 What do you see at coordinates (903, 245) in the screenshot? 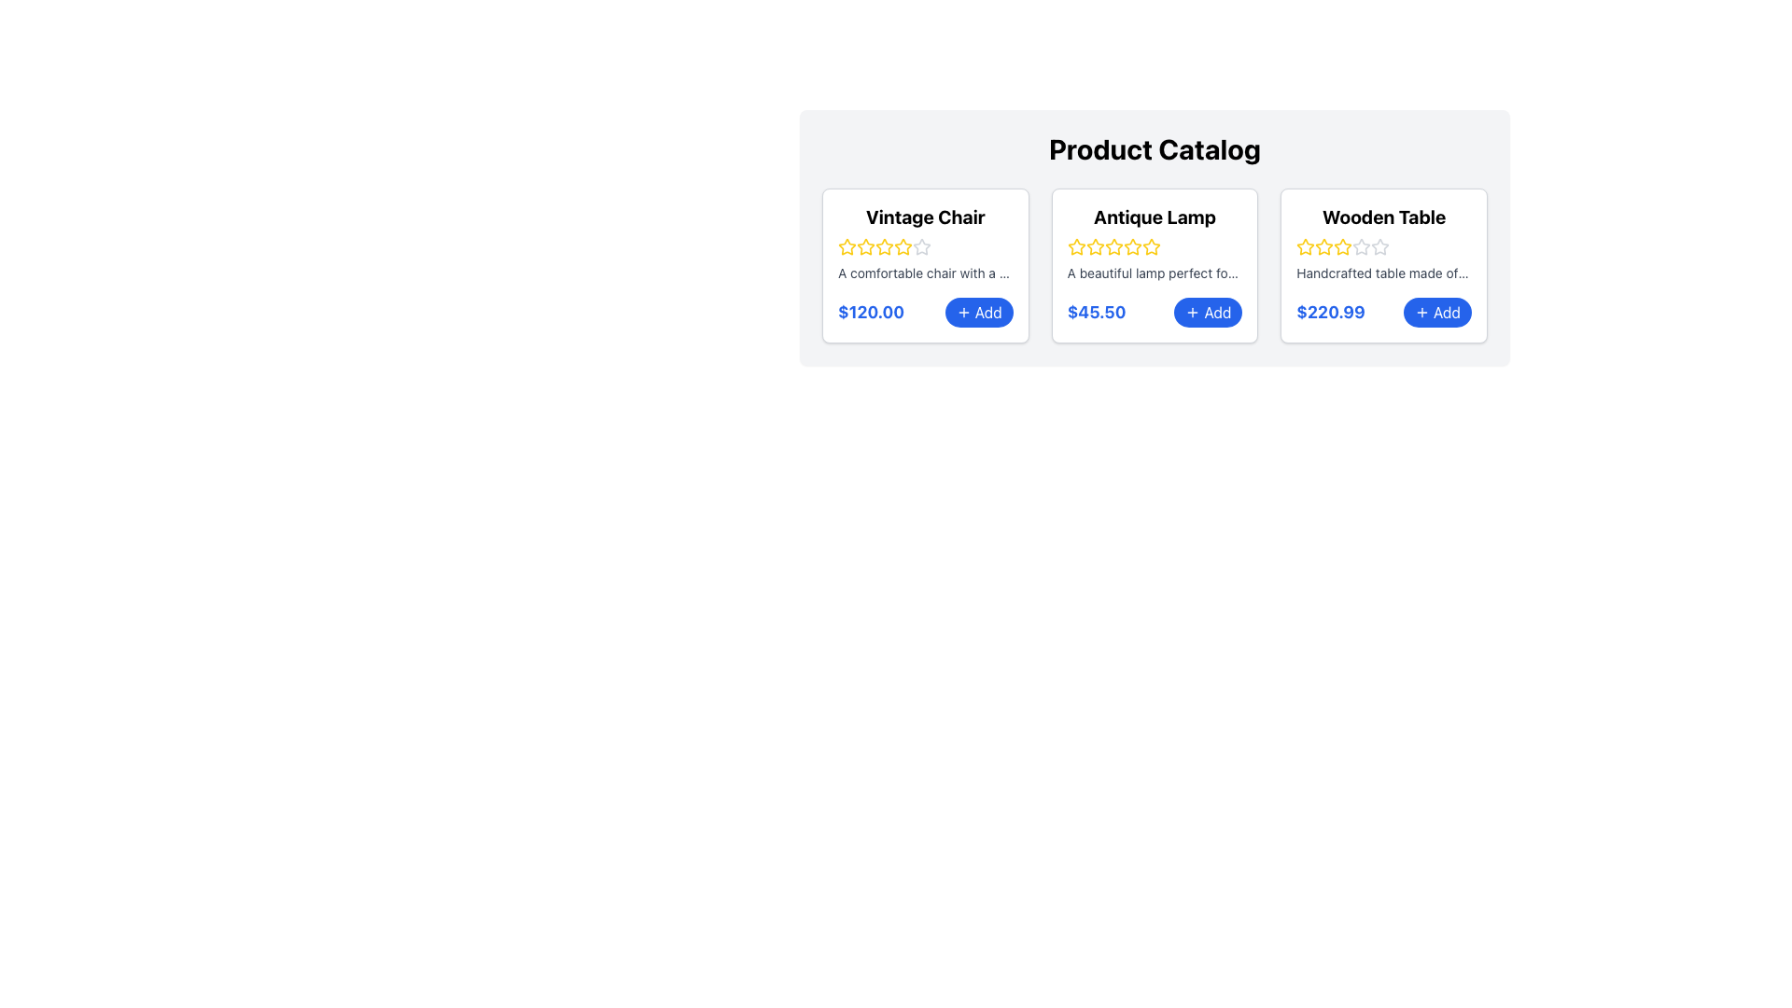
I see `the second star icon used for rating under the 'Vintage Chair' product title in the 'Product Catalog' section` at bounding box center [903, 245].